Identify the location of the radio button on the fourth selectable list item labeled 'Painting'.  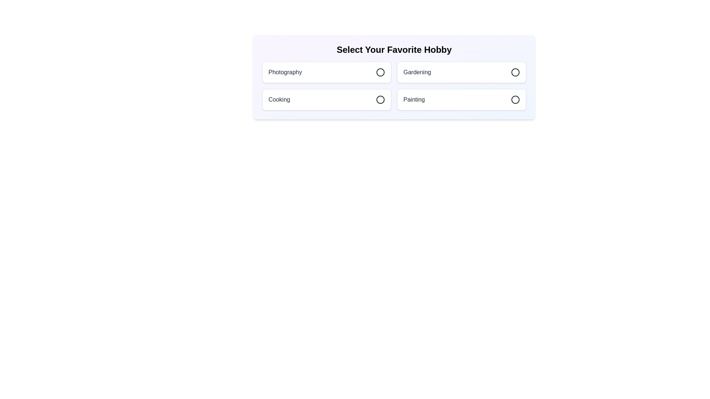
(461, 100).